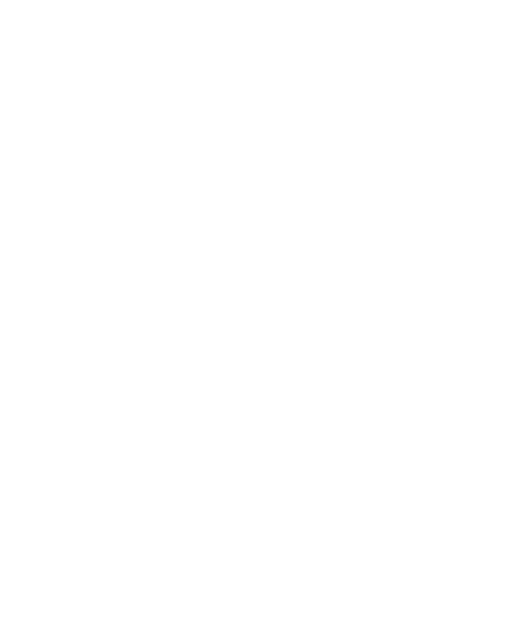 This screenshot has width=530, height=638. Describe the element at coordinates (203, 20) in the screenshot. I see `'The post report purchase support provided by 360iResearch was excellent.'` at that location.